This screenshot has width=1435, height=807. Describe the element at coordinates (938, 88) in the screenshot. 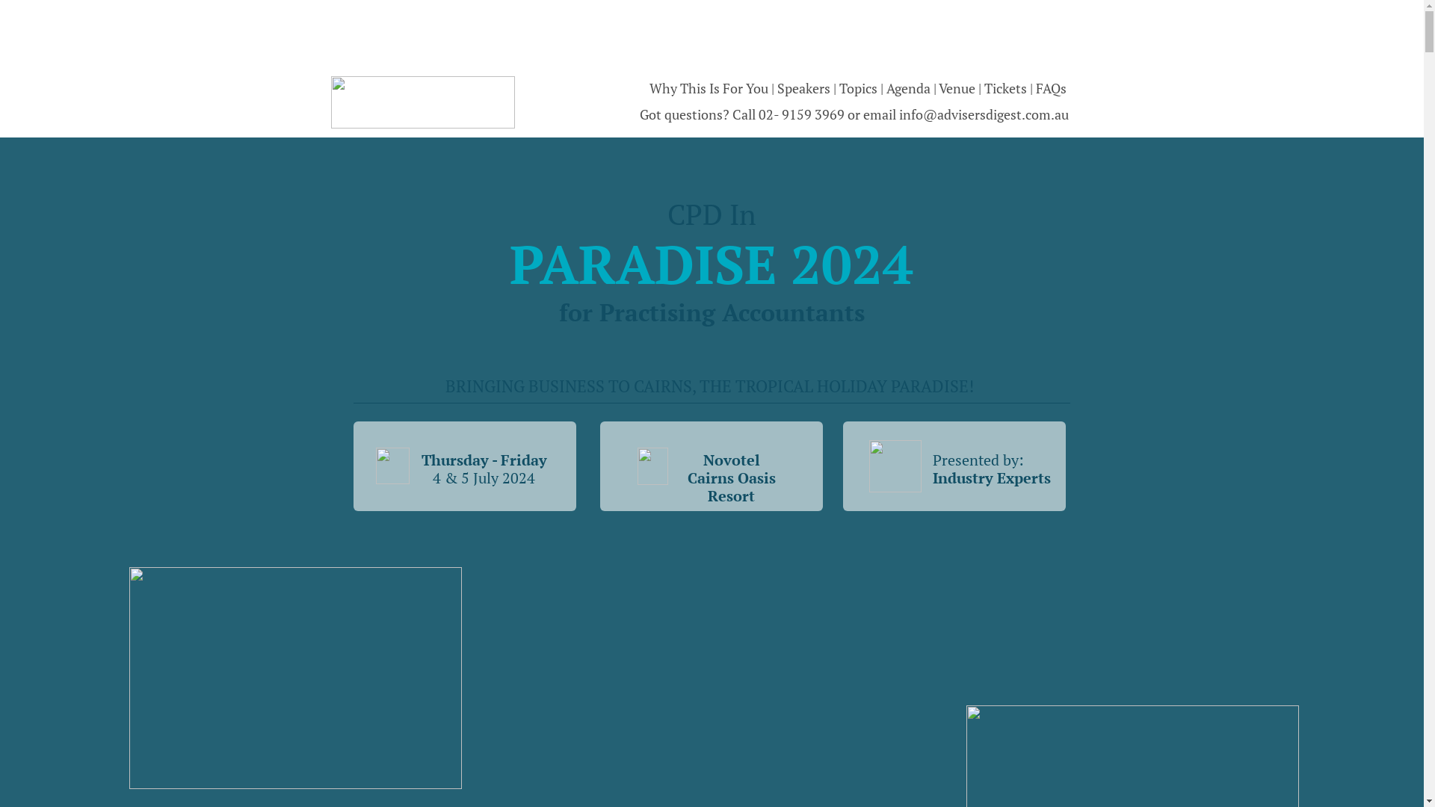

I see `'Venue'` at that location.